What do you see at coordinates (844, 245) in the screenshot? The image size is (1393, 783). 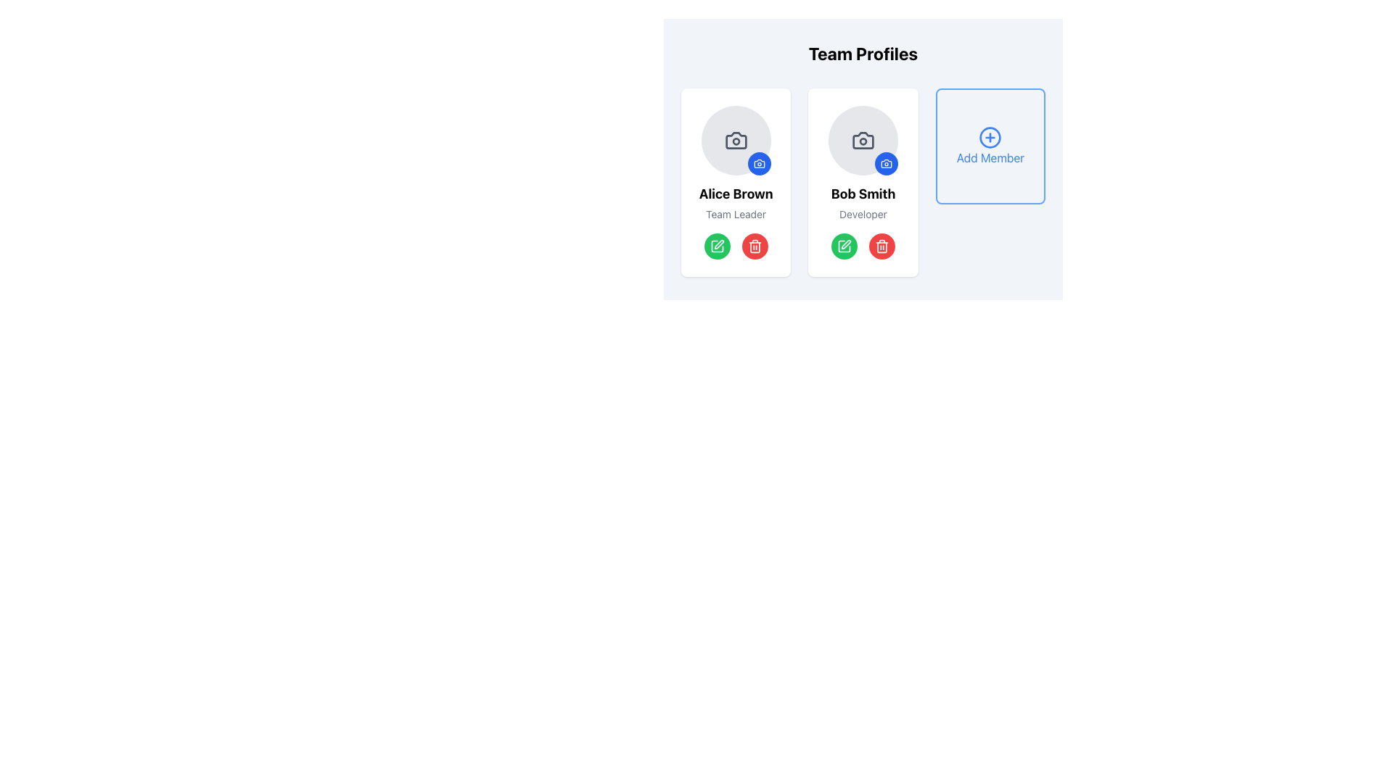 I see `the edit icon button located in the bottom left quadrant of Bob Smith's card in the 'Team Profiles' section` at bounding box center [844, 245].